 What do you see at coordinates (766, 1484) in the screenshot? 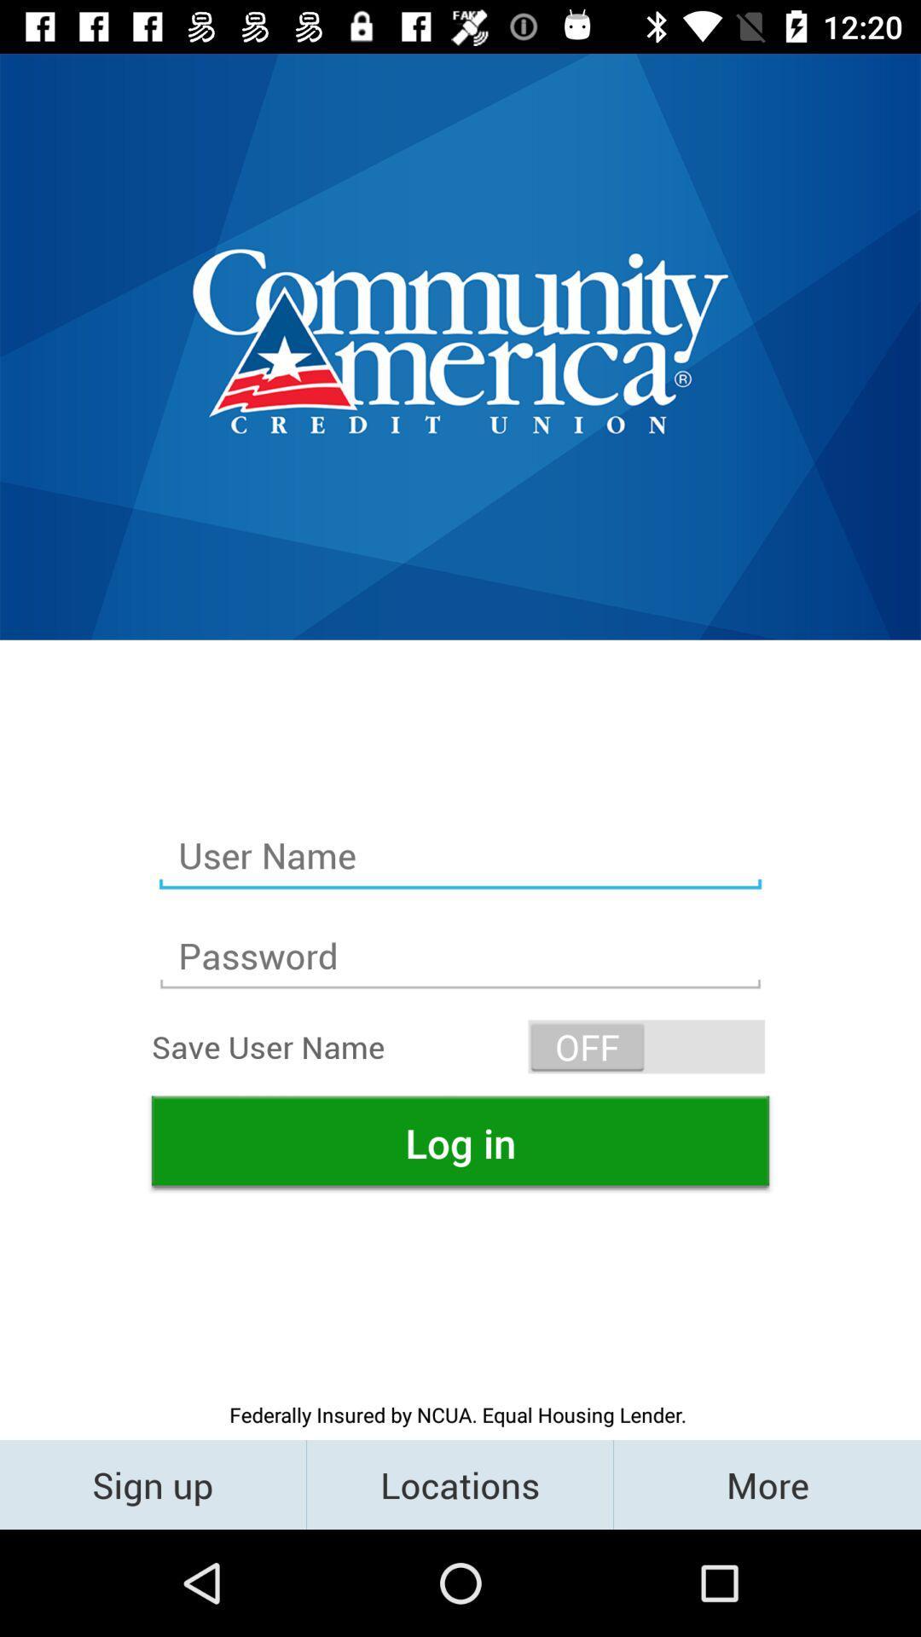
I see `the text next to locations` at bounding box center [766, 1484].